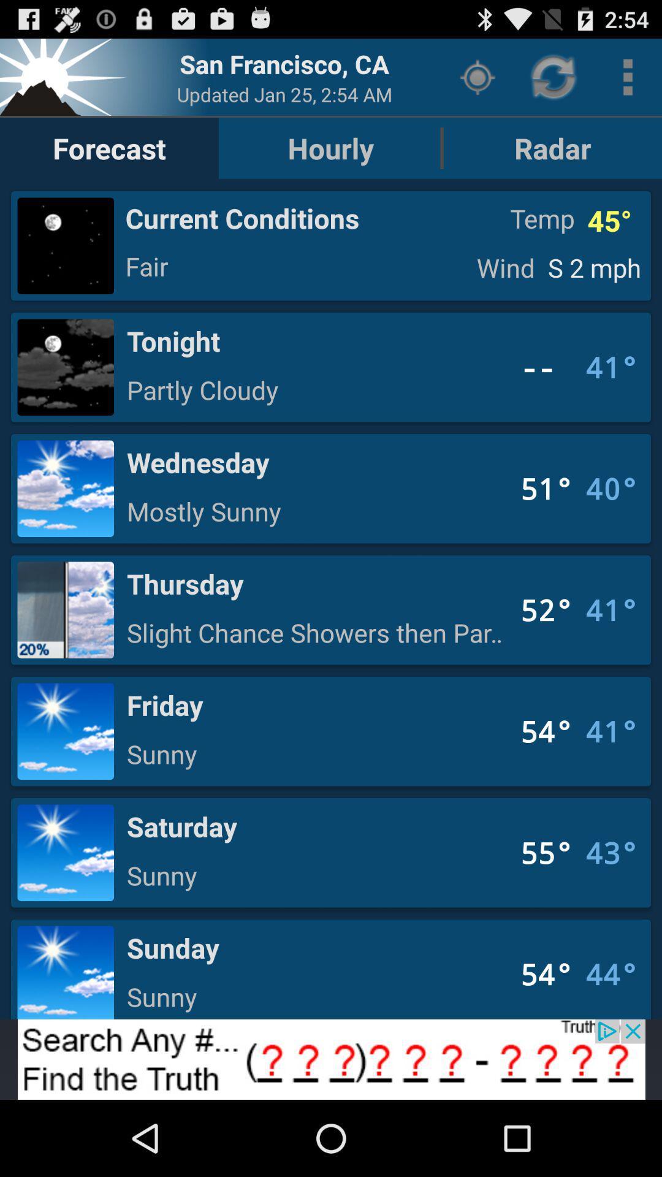 The width and height of the screenshot is (662, 1177). Describe the element at coordinates (331, 1059) in the screenshot. I see `announcement` at that location.